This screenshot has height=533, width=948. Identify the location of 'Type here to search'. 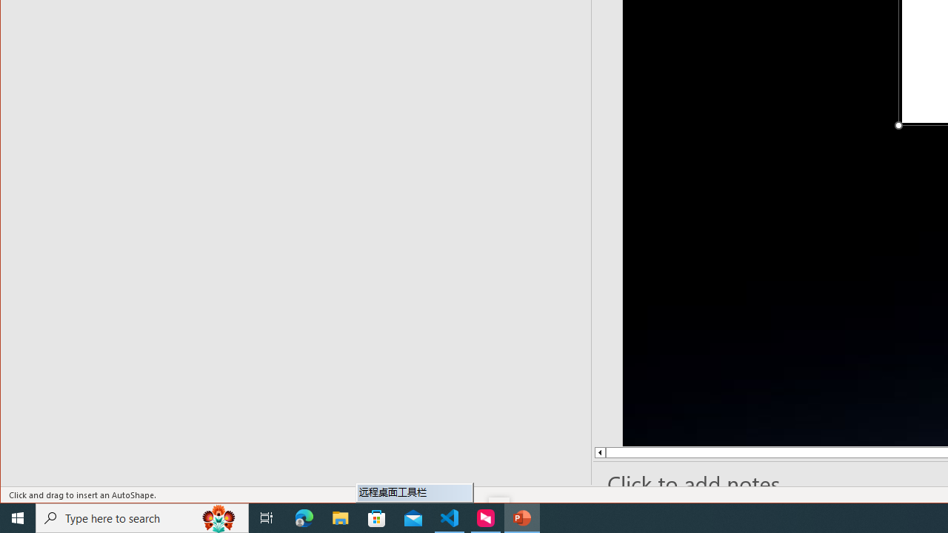
(142, 517).